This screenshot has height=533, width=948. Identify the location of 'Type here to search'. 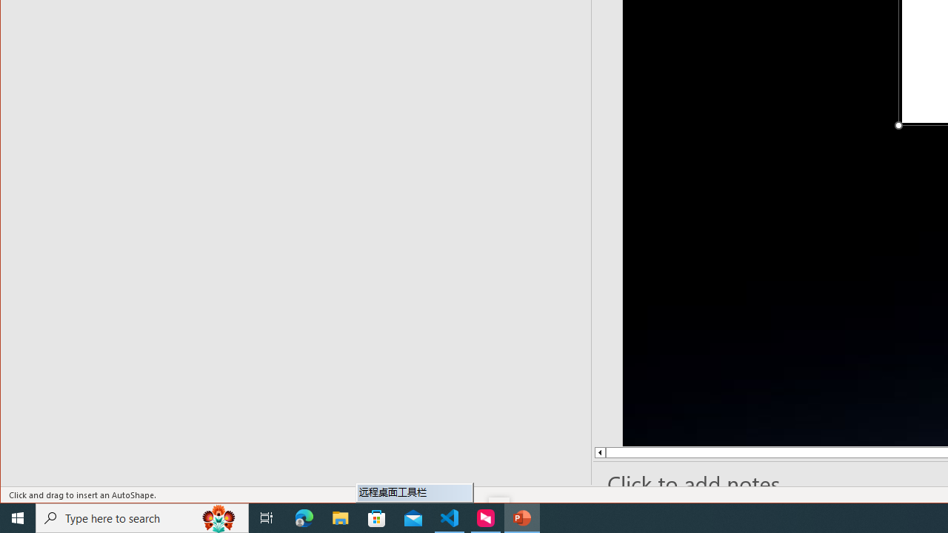
(142, 517).